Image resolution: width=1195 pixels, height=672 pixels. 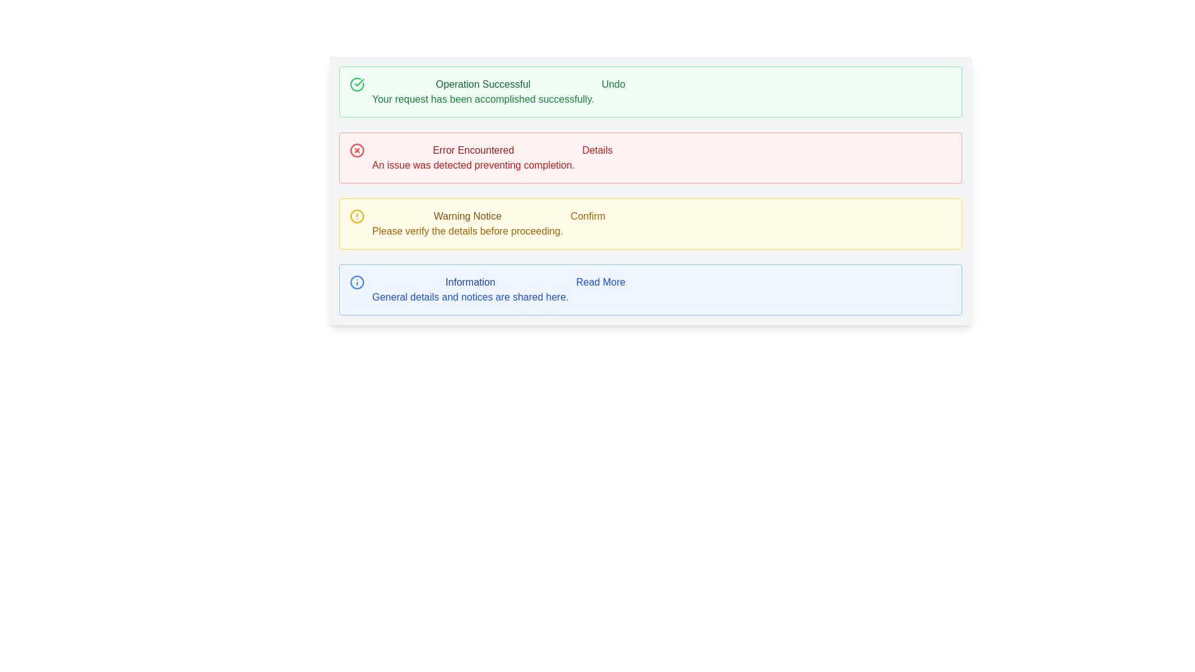 What do you see at coordinates (469, 290) in the screenshot?
I see `the centrally located Text Block within the informational card at the bottom of the notifications, which contains a title and a descriptive explanation` at bounding box center [469, 290].